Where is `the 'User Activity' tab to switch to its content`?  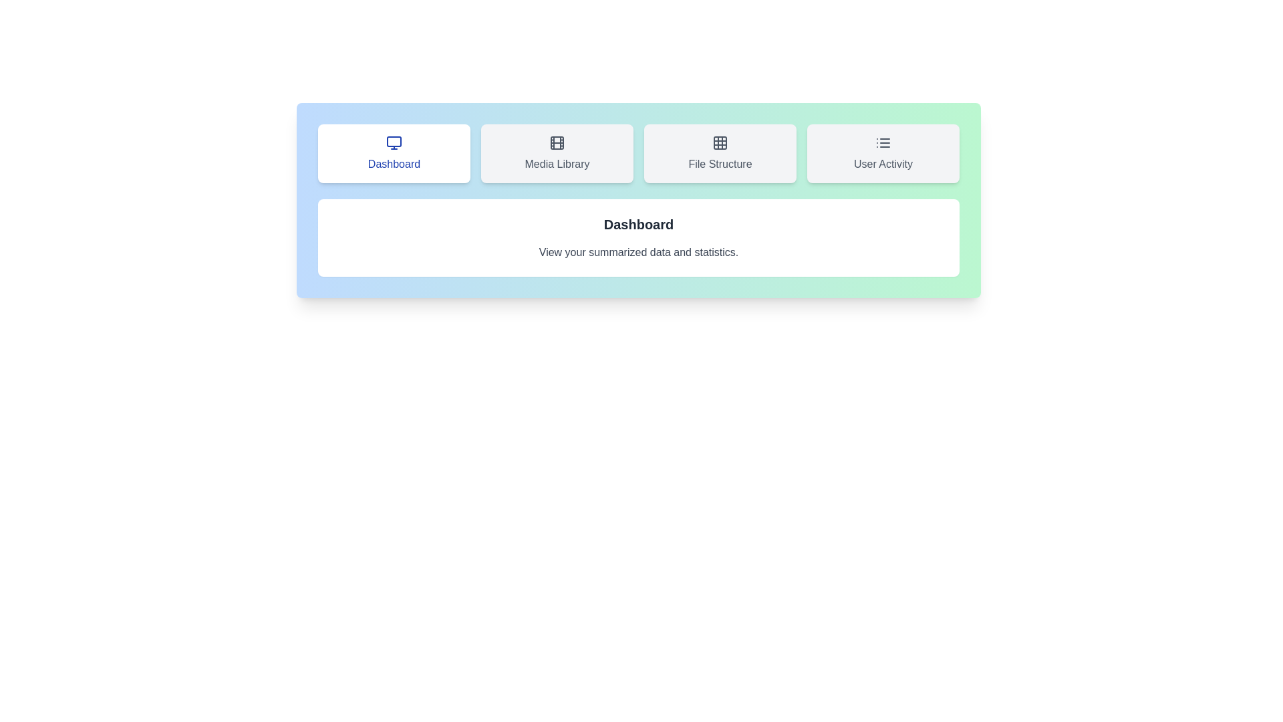
the 'User Activity' tab to switch to its content is located at coordinates (883, 153).